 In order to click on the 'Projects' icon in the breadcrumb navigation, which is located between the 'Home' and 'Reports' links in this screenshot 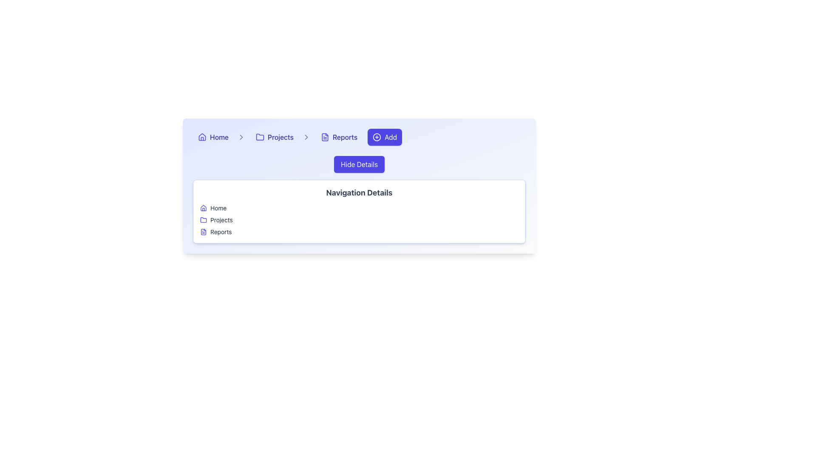, I will do `click(203, 219)`.